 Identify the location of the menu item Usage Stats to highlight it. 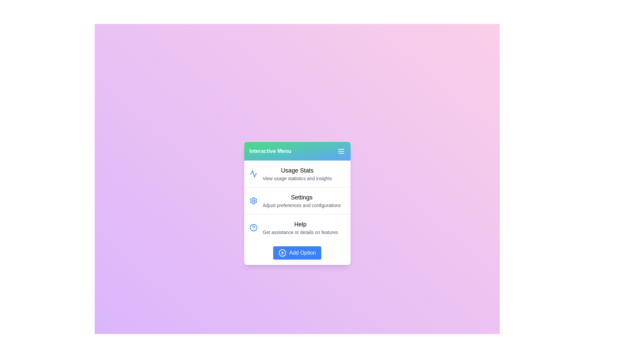
(297, 174).